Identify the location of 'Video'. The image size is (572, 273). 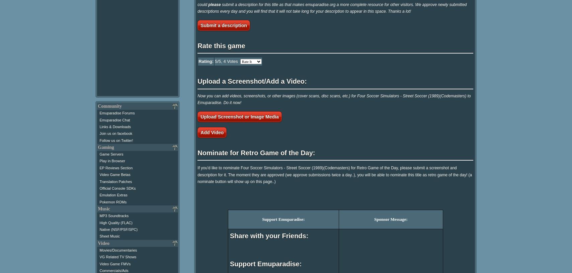
(103, 243).